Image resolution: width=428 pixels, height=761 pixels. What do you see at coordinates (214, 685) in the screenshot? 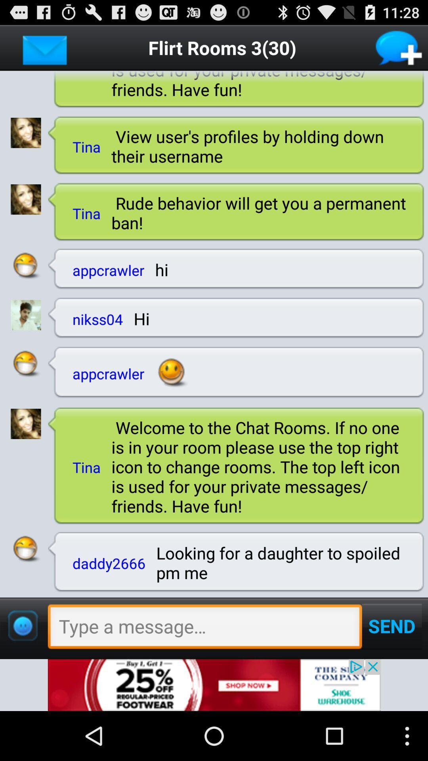
I see `open advertisement` at bounding box center [214, 685].